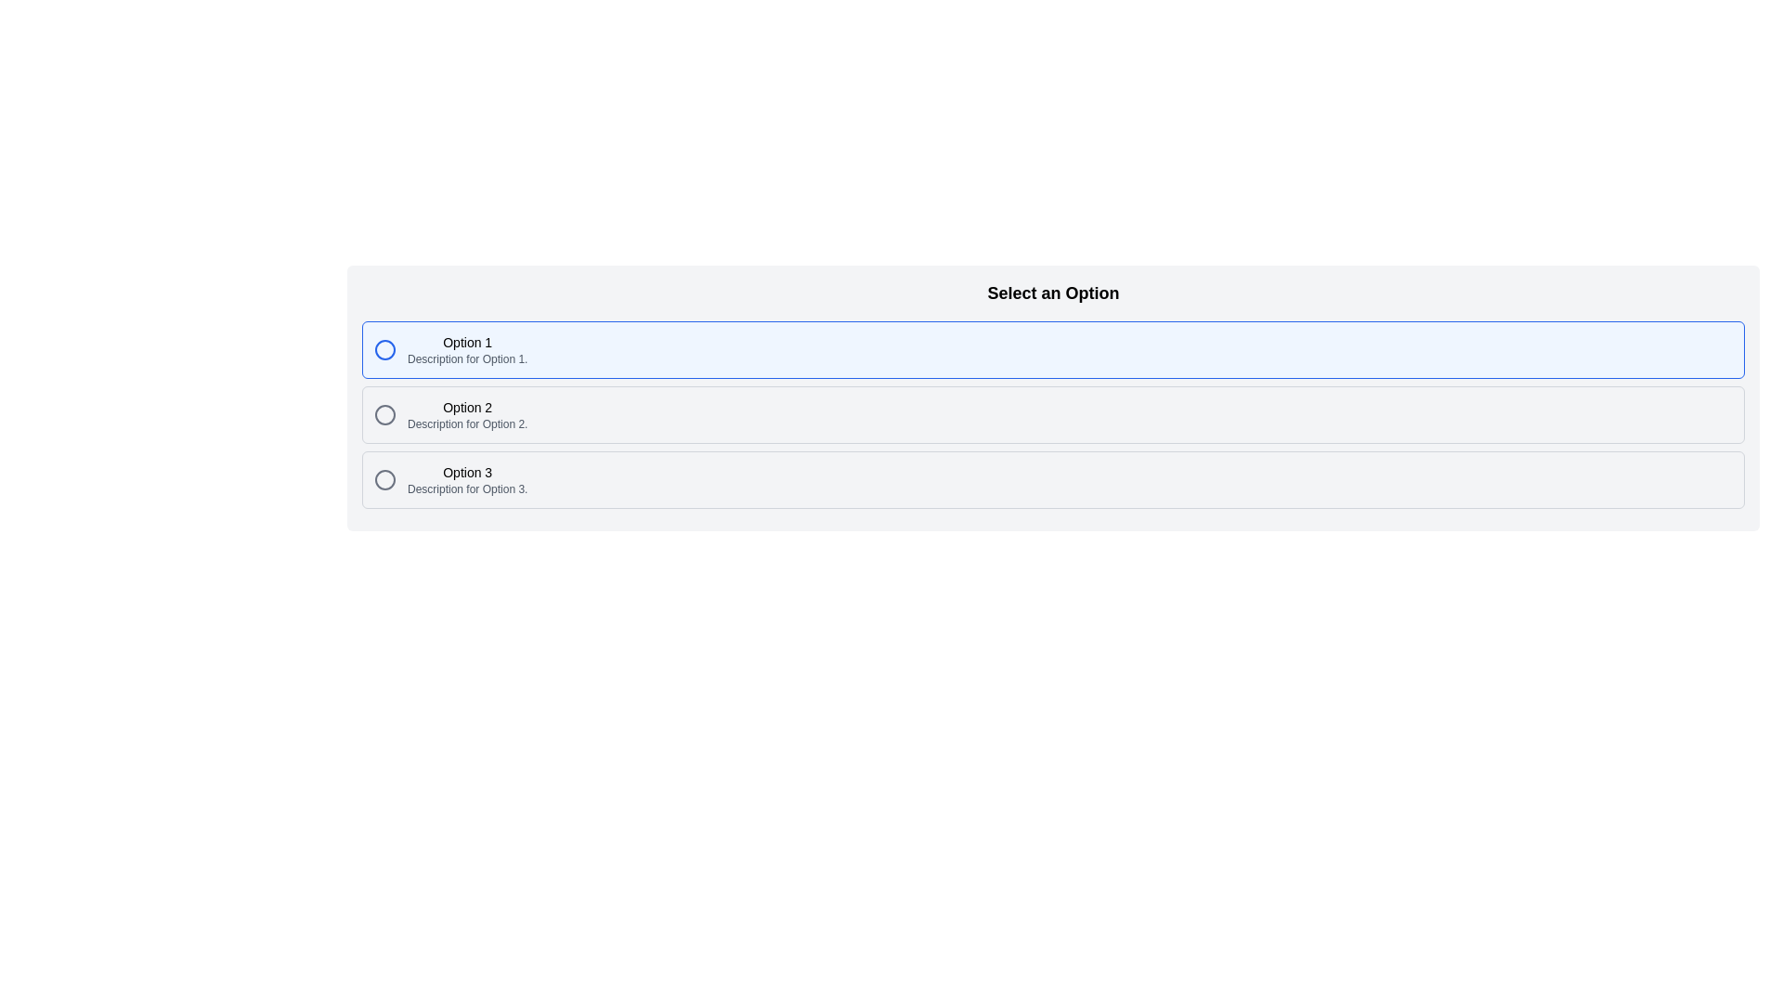  What do you see at coordinates (1053, 478) in the screenshot?
I see `the third radio button labeled 'Option 3' in the selection group` at bounding box center [1053, 478].